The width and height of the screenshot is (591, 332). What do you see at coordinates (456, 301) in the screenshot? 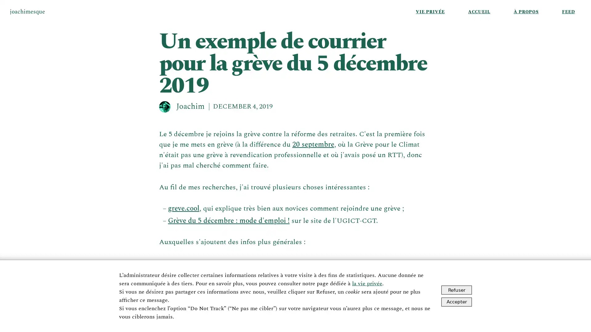
I see `Accepter` at bounding box center [456, 301].